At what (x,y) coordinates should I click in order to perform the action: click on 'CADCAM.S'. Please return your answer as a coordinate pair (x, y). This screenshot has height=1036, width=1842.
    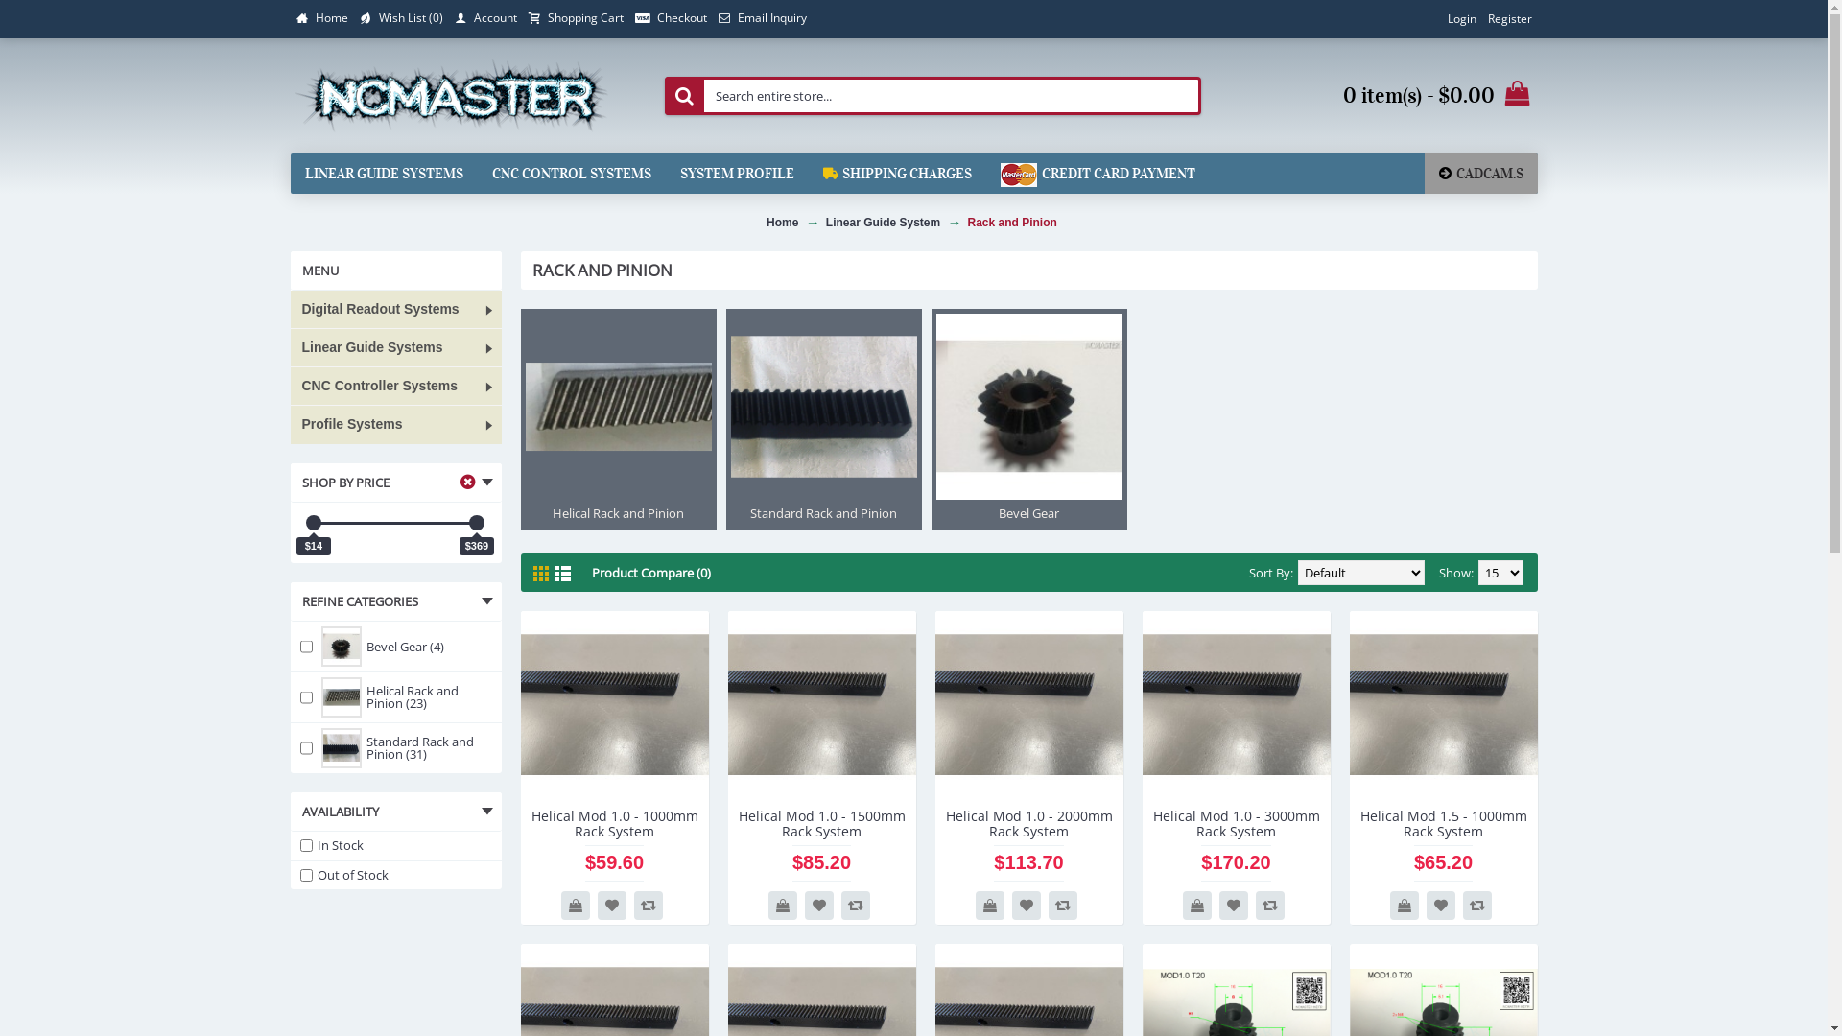
    Looking at the image, I should click on (1423, 174).